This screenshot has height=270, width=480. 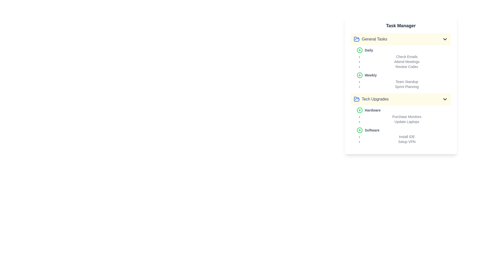 What do you see at coordinates (404, 80) in the screenshot?
I see `the text items that list tasks related to the 'Weekly' category in the task manager, located below the 'Weekly' entry in the 'General Tasks' section` at bounding box center [404, 80].